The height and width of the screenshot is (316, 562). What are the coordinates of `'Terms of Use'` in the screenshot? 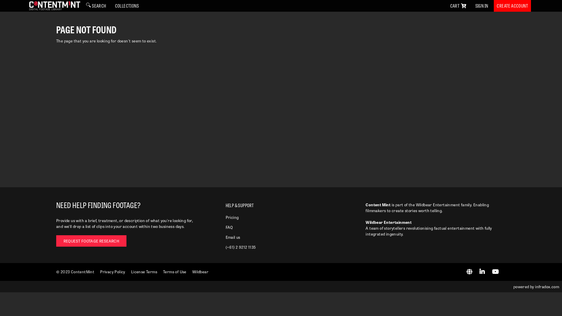 It's located at (174, 272).